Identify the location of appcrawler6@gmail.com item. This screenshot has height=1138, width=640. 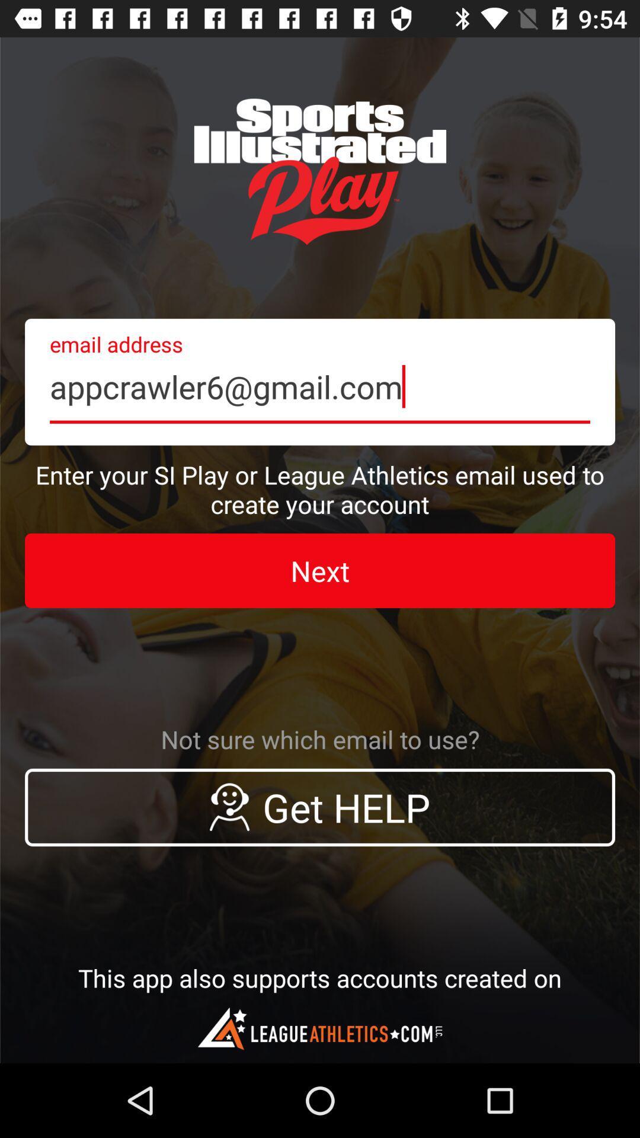
(320, 382).